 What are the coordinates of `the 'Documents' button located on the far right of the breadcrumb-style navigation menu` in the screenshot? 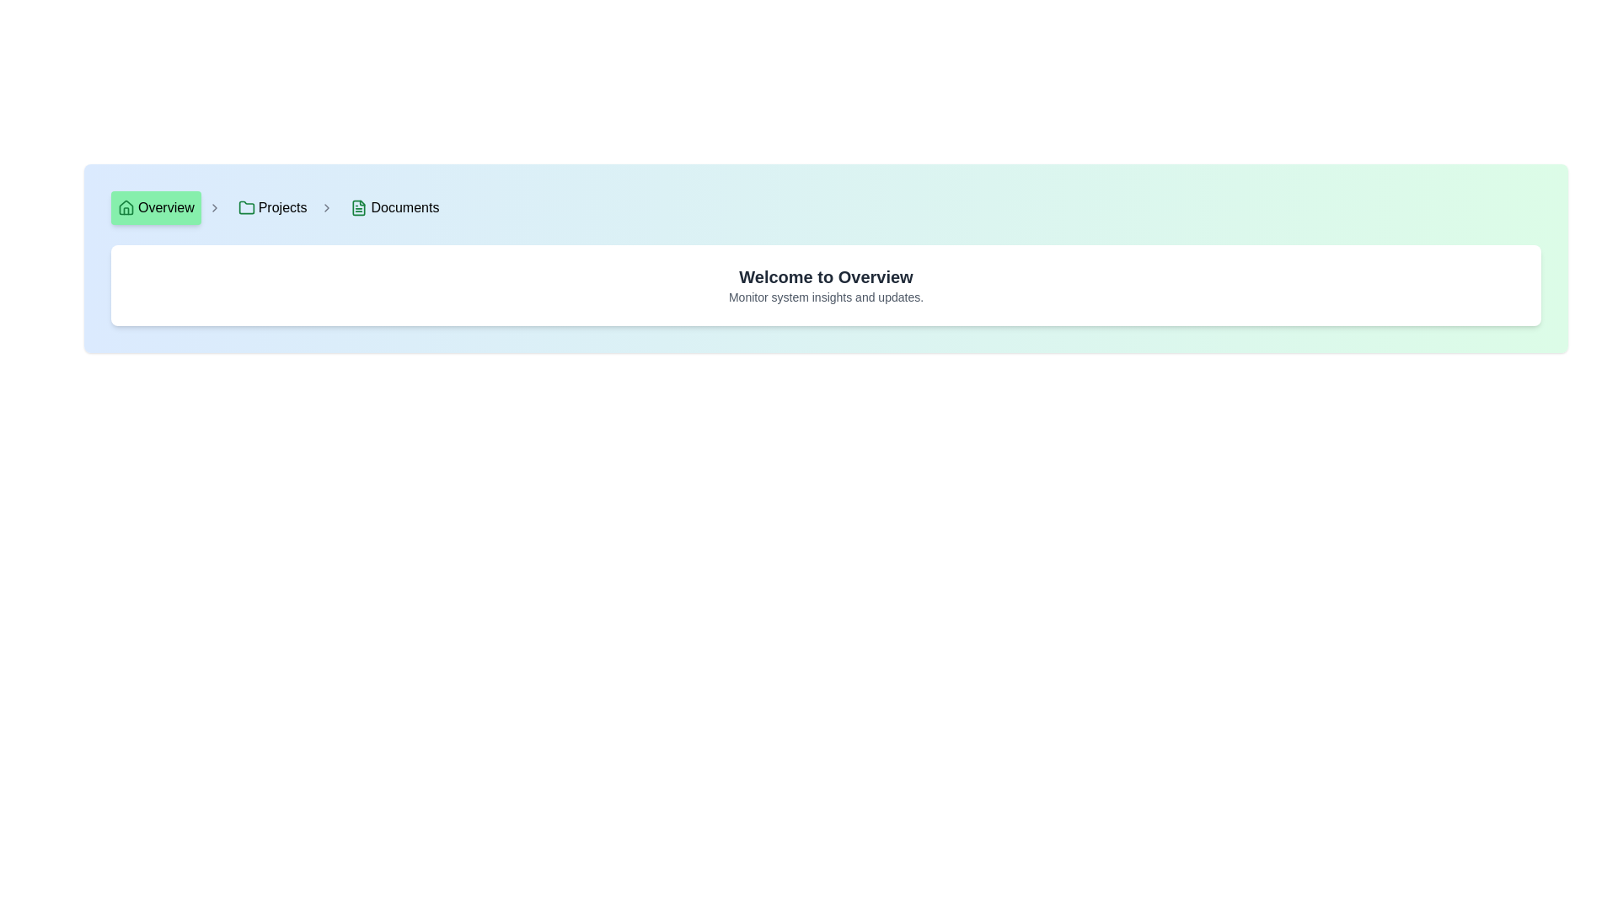 It's located at (394, 206).